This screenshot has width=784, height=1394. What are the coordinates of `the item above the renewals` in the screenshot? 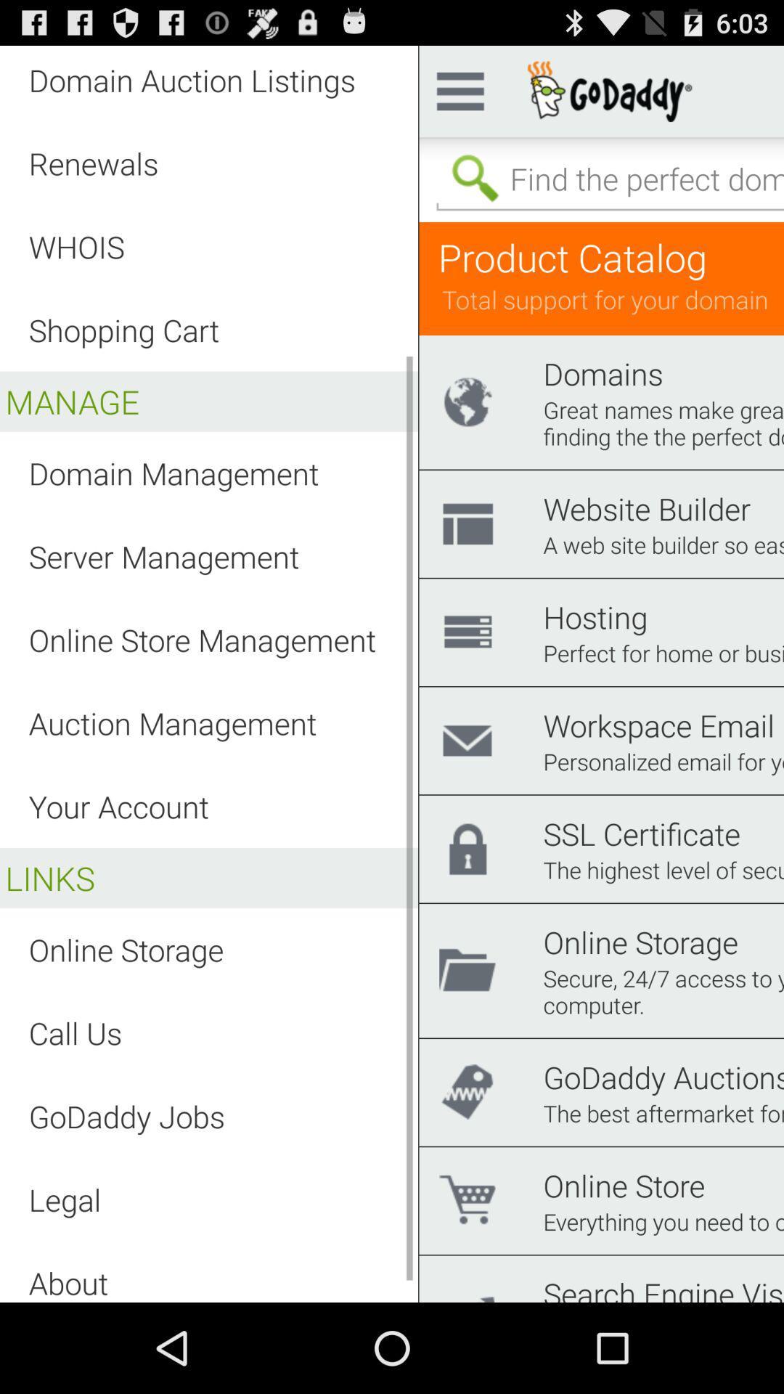 It's located at (191, 79).